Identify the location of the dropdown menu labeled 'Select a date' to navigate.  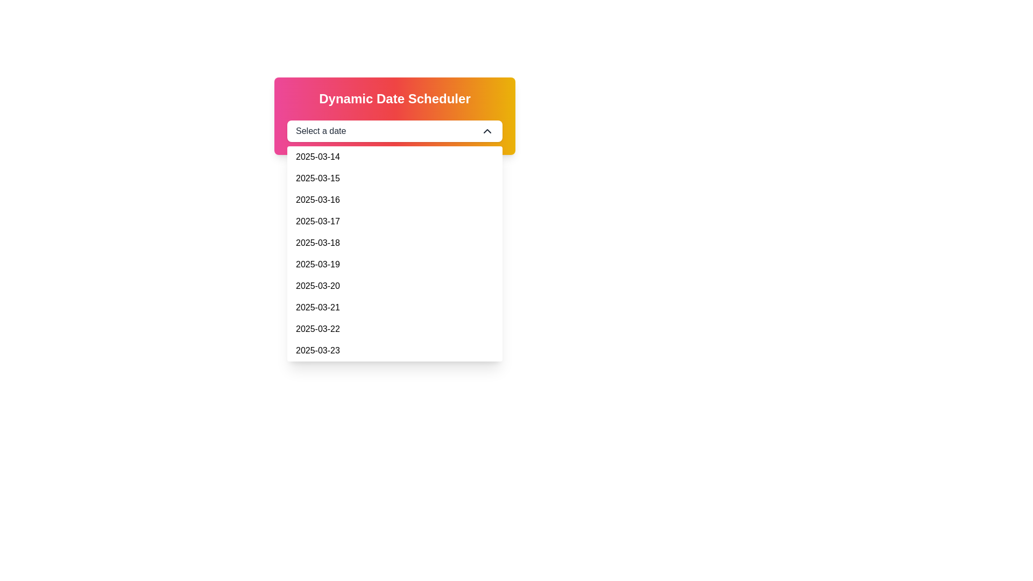
(394, 130).